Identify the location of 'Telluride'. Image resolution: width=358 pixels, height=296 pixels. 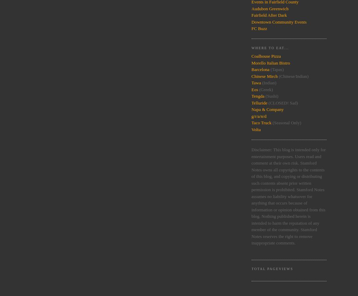
(259, 102).